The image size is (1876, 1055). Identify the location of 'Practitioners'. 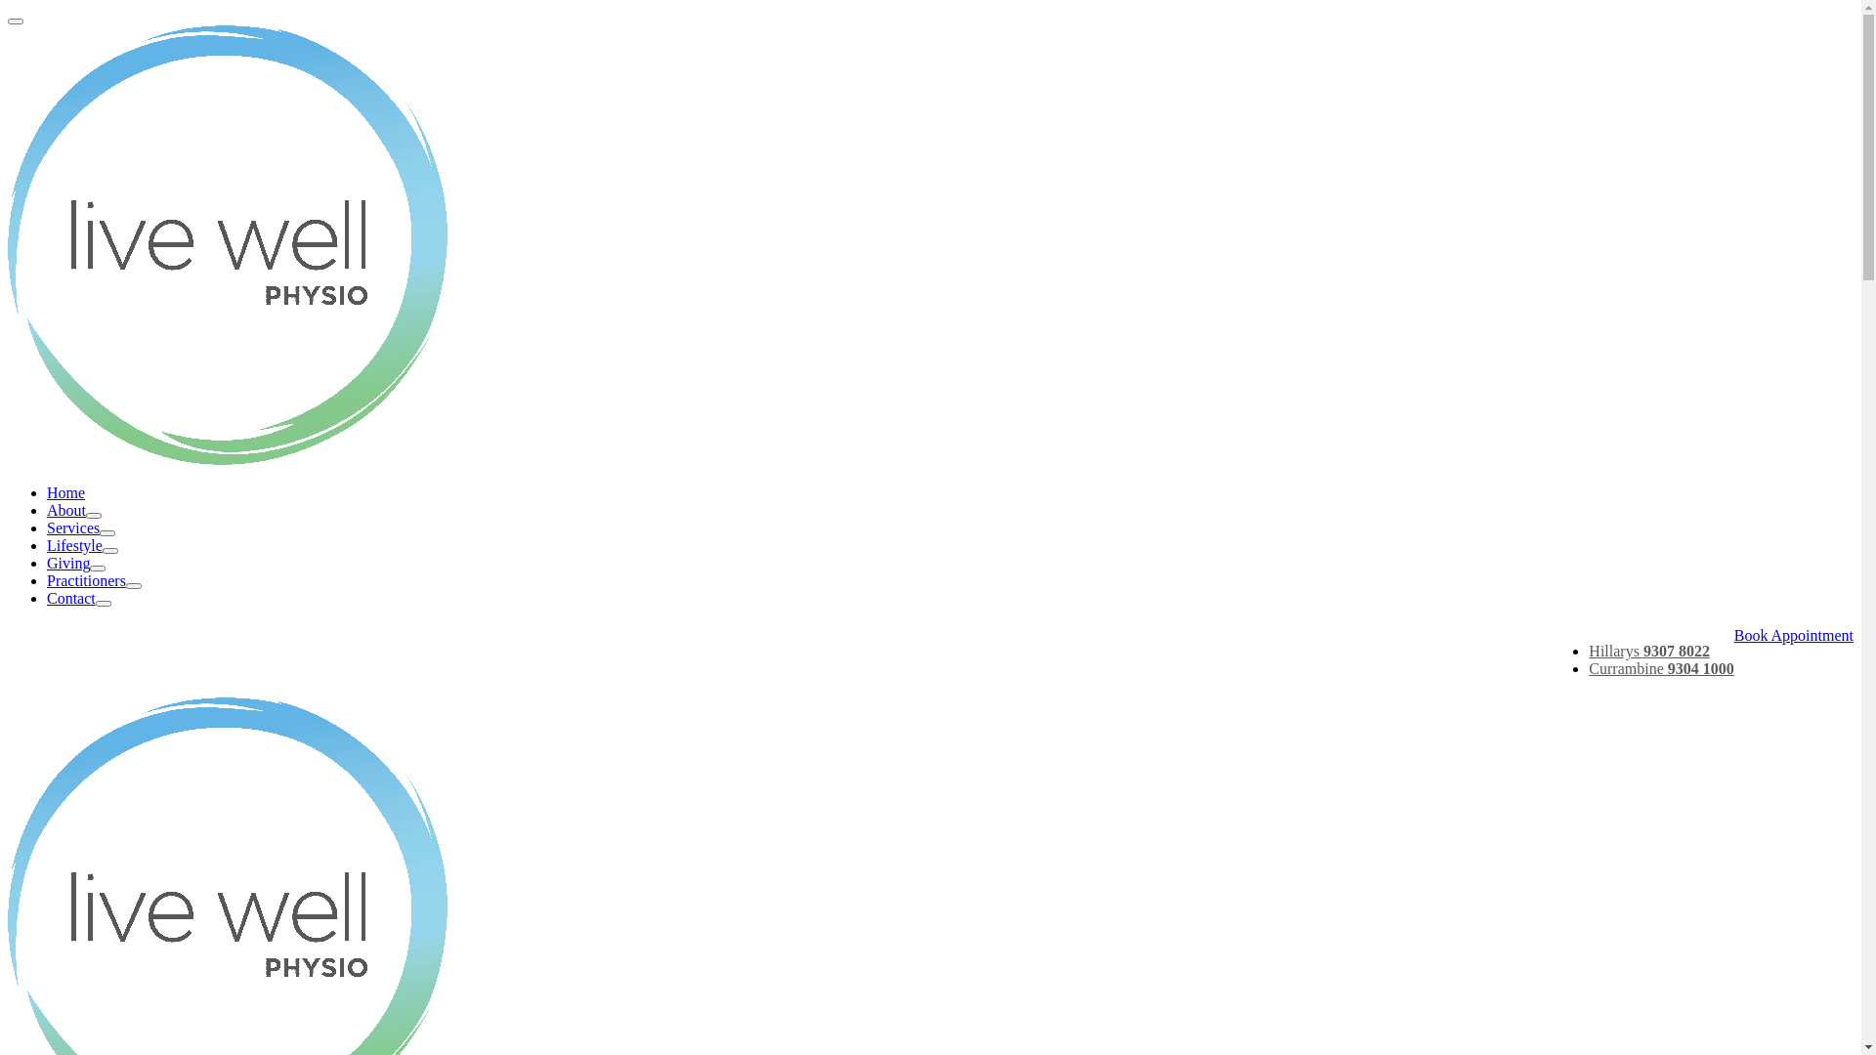
(47, 579).